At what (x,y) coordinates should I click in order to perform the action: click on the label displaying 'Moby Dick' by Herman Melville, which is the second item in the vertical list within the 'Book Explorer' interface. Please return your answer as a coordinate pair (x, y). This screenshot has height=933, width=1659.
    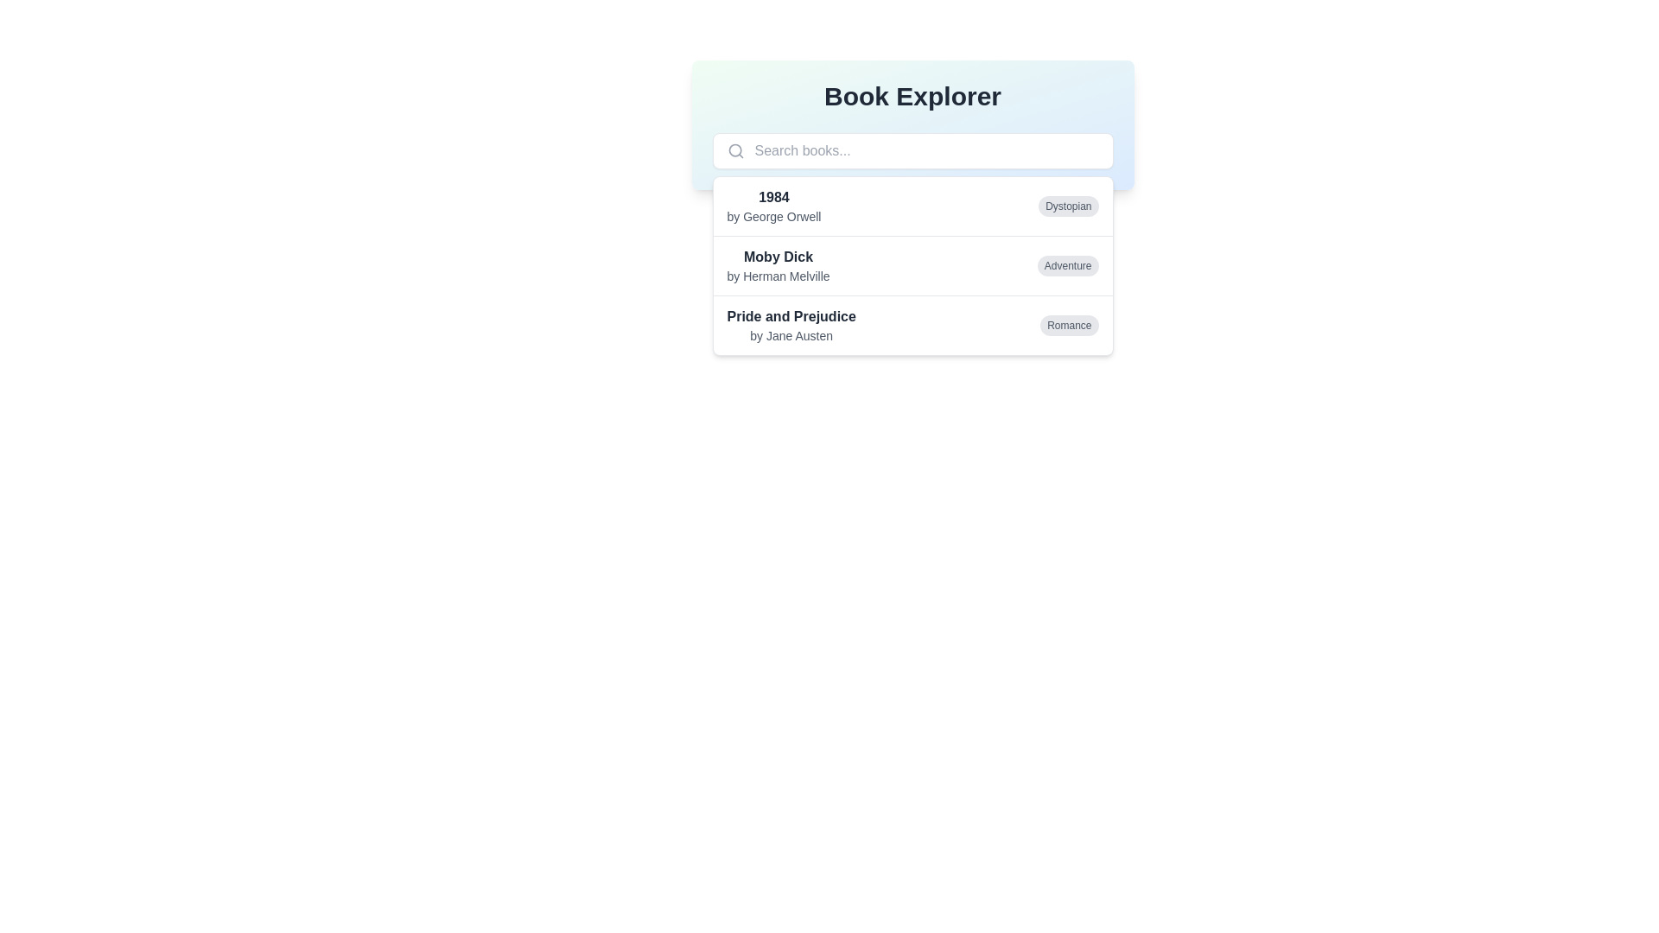
    Looking at the image, I should click on (778, 266).